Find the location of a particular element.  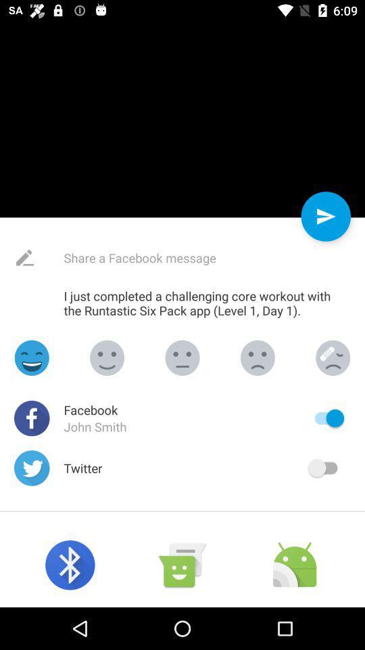

happy emoji is located at coordinates (32, 357).